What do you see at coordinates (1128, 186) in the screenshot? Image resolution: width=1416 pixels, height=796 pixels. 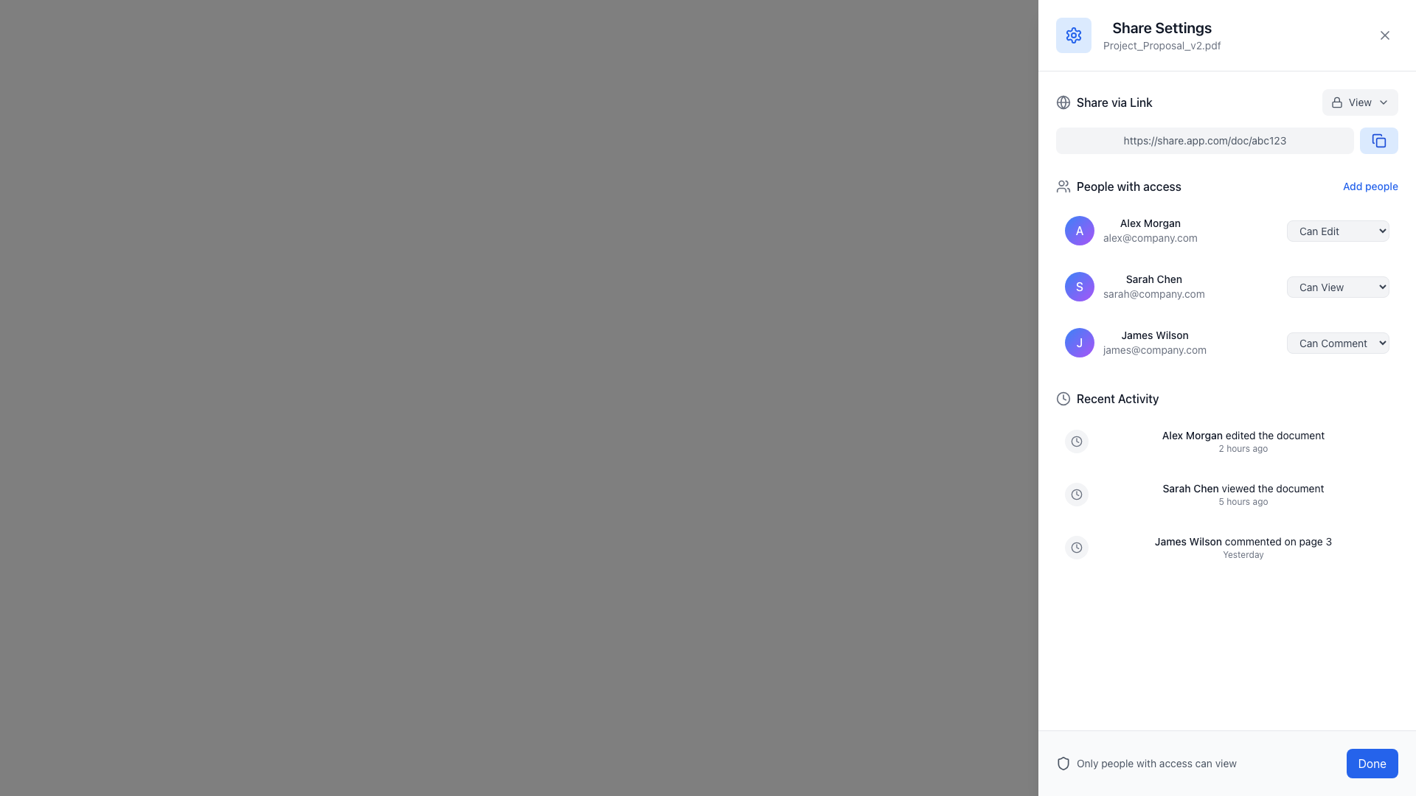 I see `the Text label that serves as a heading for the section listing users with access permissions, located in the right-side panel titled 'Share Settings', below 'Share via Link' and above the user profiles list` at bounding box center [1128, 186].